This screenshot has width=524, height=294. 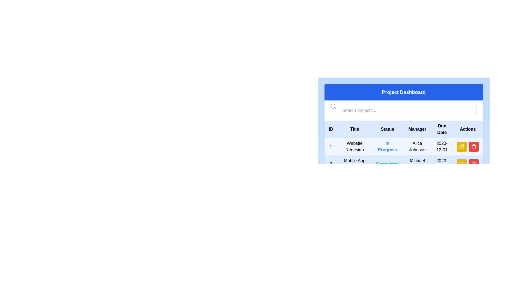 I want to click on the trash icon located in the 'Actions' column of the second row, so click(x=474, y=164).